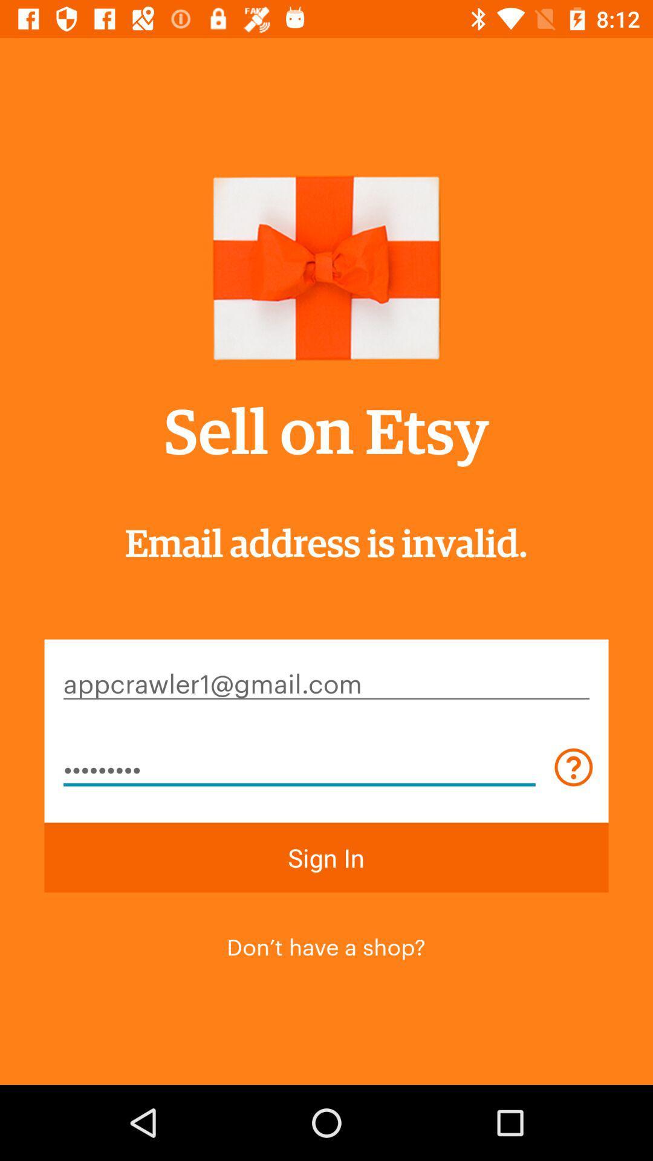  Describe the element at coordinates (299, 766) in the screenshot. I see `icon above sign in icon` at that location.